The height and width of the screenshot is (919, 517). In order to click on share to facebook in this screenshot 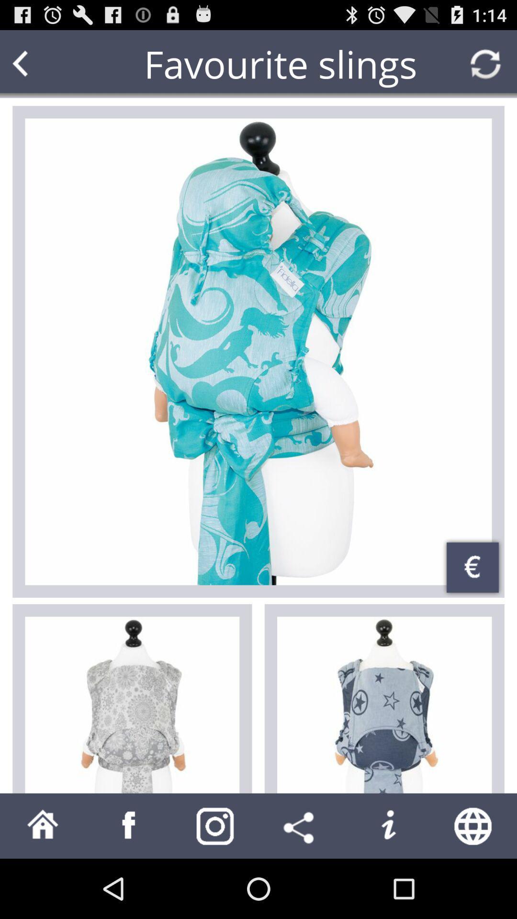, I will do `click(129, 825)`.